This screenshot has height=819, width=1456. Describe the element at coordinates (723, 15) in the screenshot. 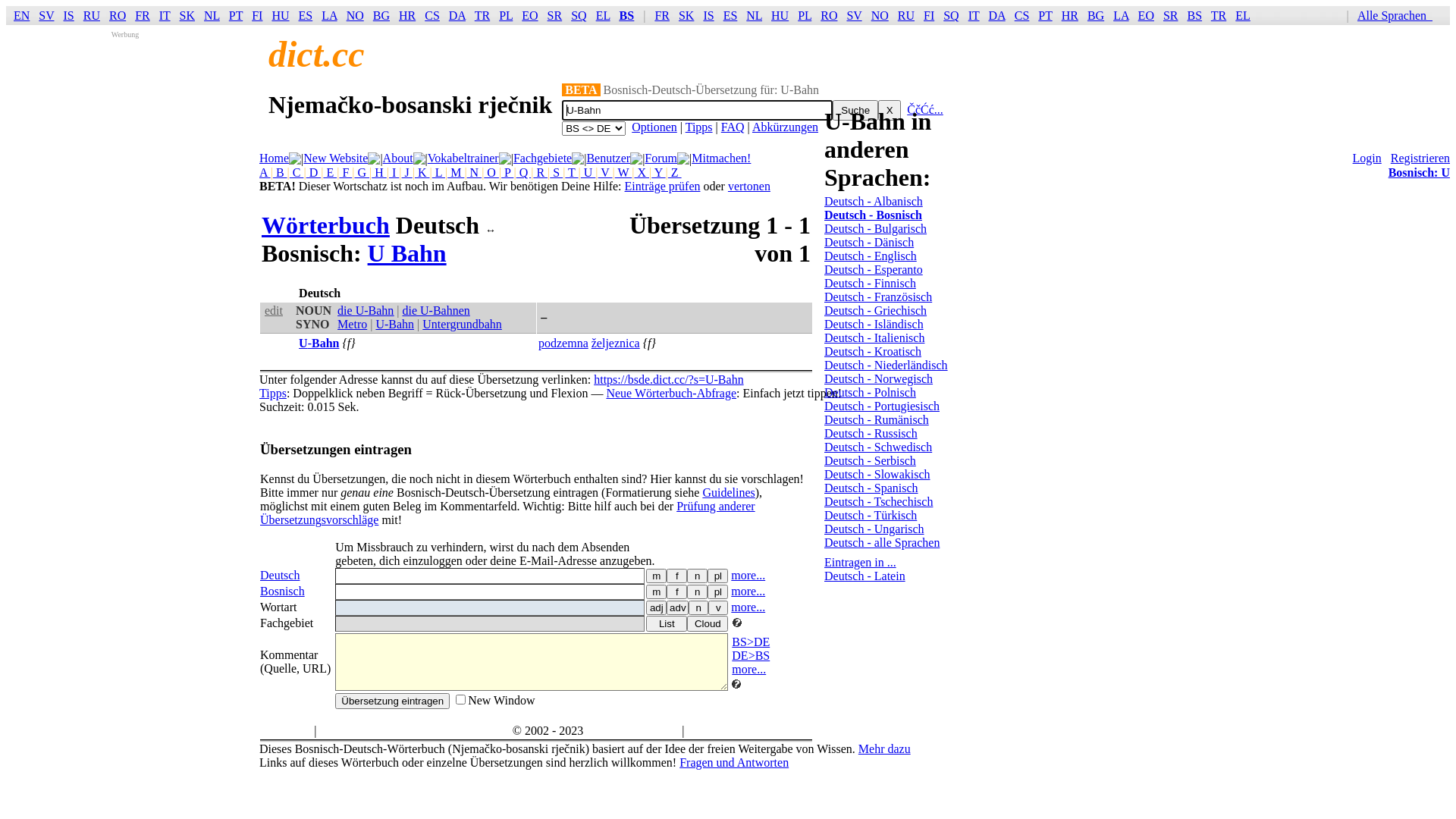

I see `'ES'` at that location.